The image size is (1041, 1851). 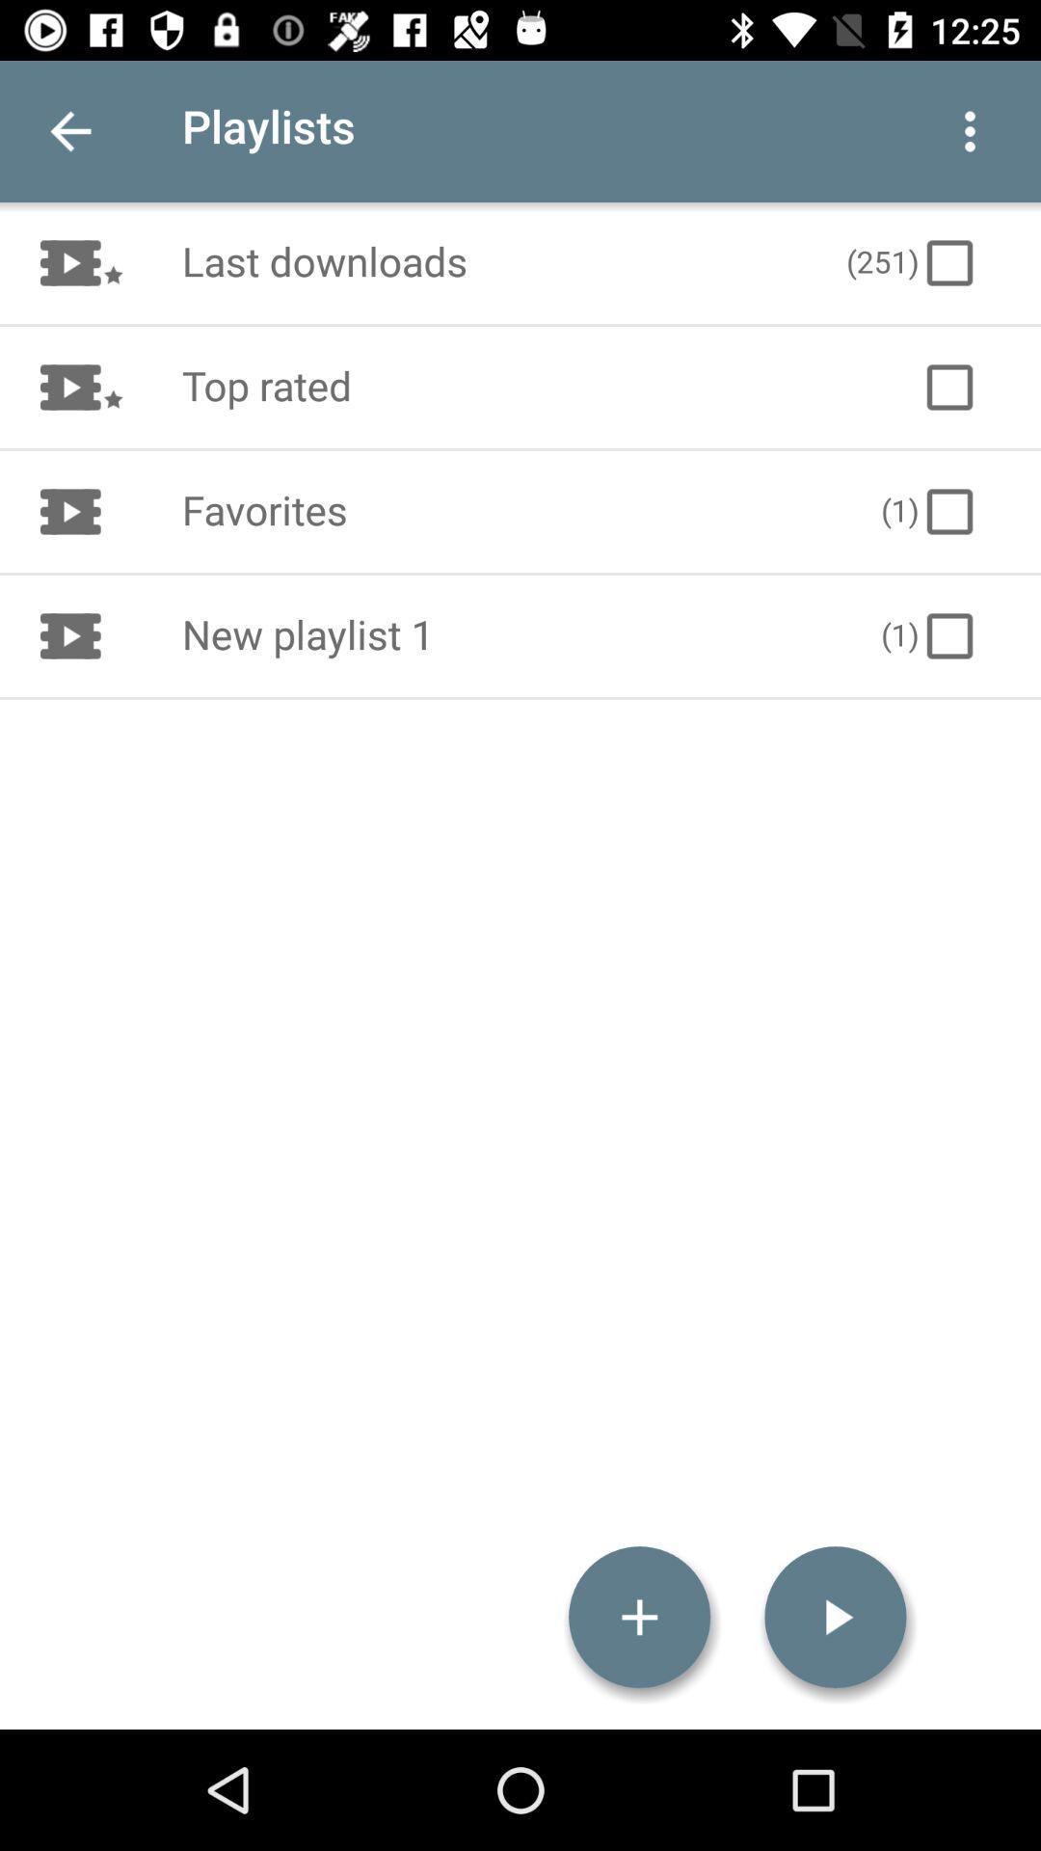 What do you see at coordinates (510, 636) in the screenshot?
I see `the item next to (1)` at bounding box center [510, 636].